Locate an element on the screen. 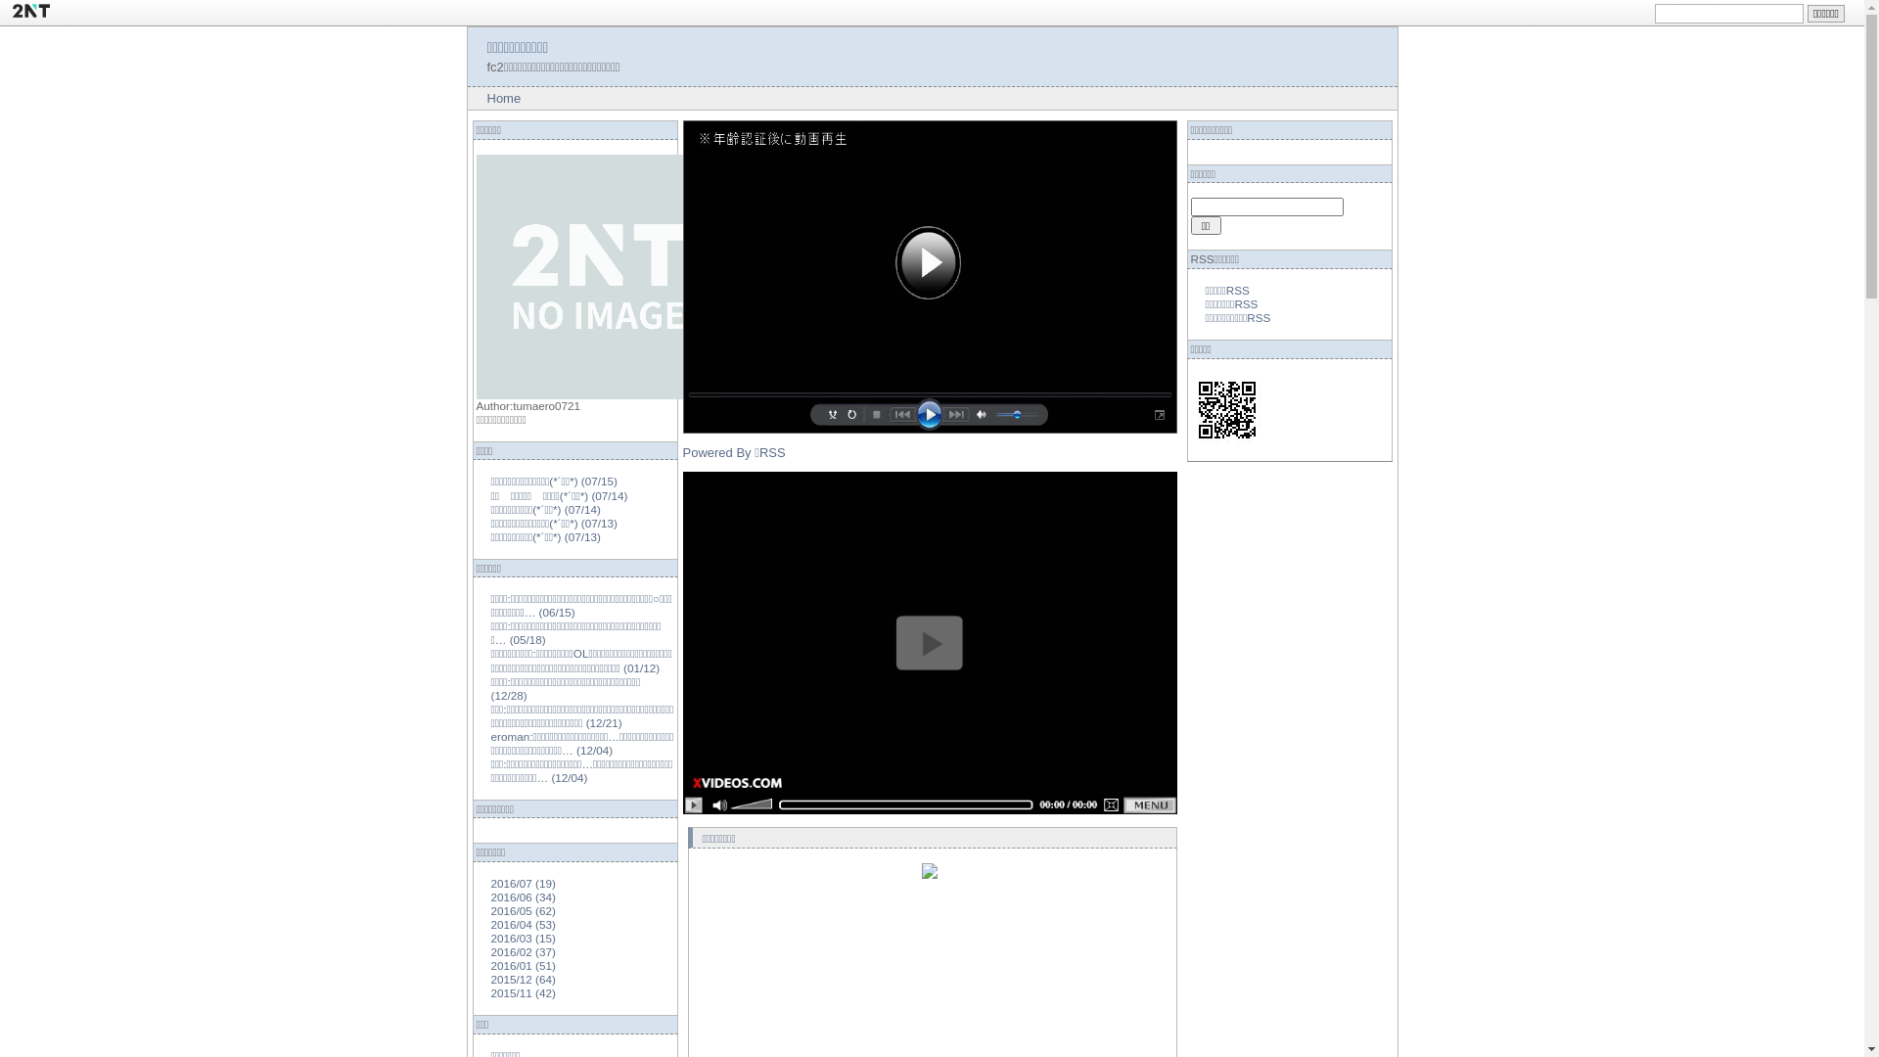 Image resolution: width=1879 pixels, height=1057 pixels. '2016/06 (34)' is located at coordinates (491, 896).